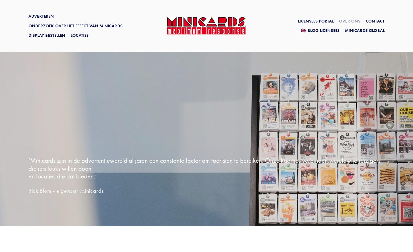 This screenshot has width=413, height=252. I want to click on 'Rick Blom - eigenaar Minicards', so click(66, 190).